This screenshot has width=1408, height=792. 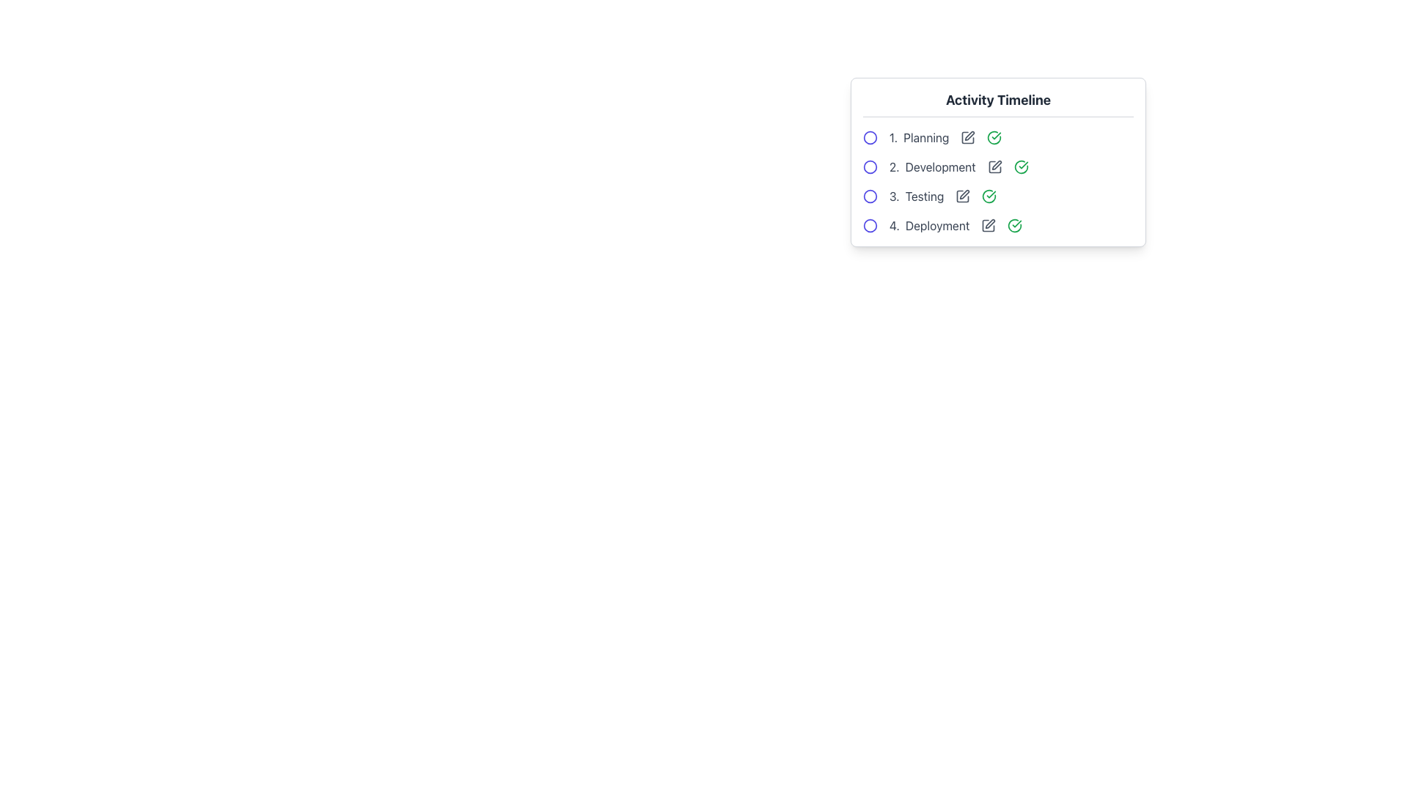 What do you see at coordinates (940, 166) in the screenshot?
I see `the text label 'Development' in the 'Activity Timeline' section, which is the second item in the list following '1. Planning'` at bounding box center [940, 166].